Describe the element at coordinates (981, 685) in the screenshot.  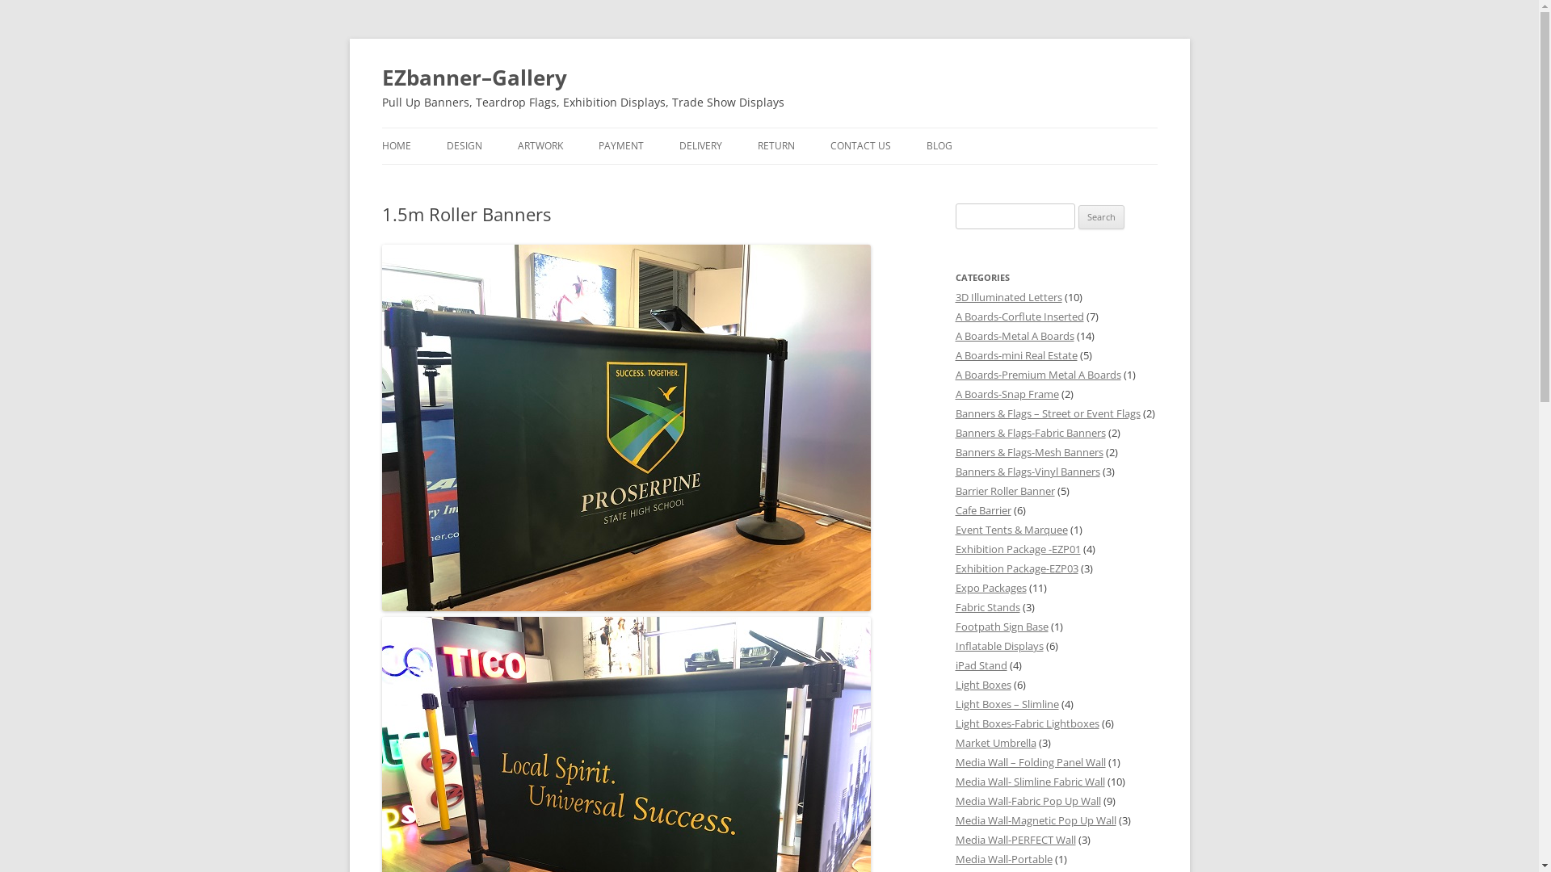
I see `'Light Boxes'` at that location.